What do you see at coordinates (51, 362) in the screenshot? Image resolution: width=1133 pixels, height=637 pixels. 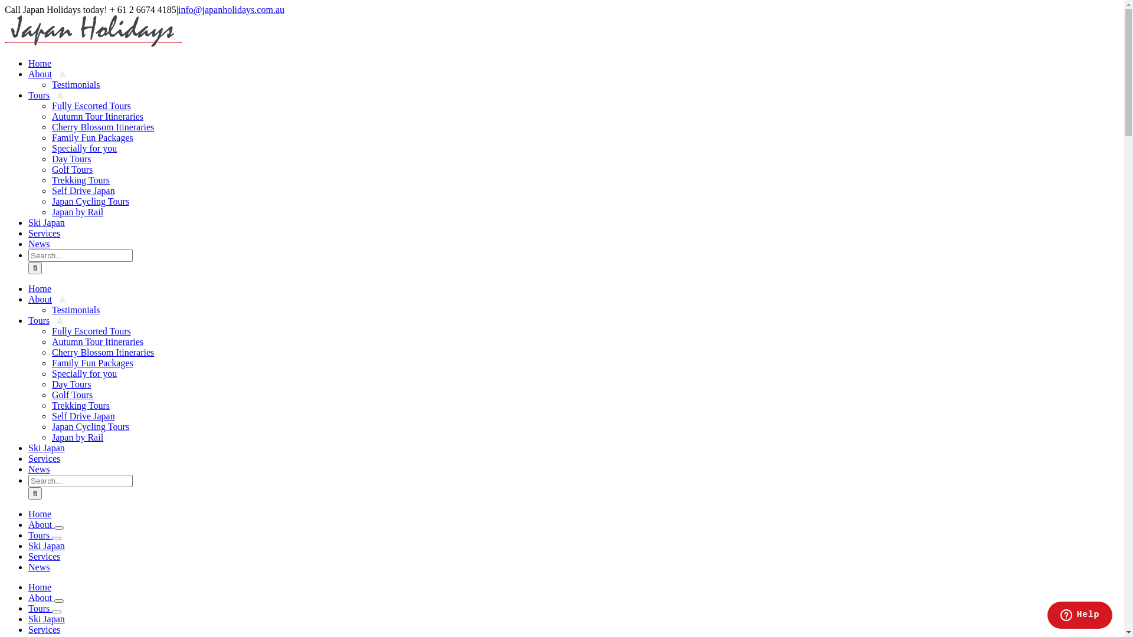 I see `'Family Fun Packages'` at bounding box center [51, 362].